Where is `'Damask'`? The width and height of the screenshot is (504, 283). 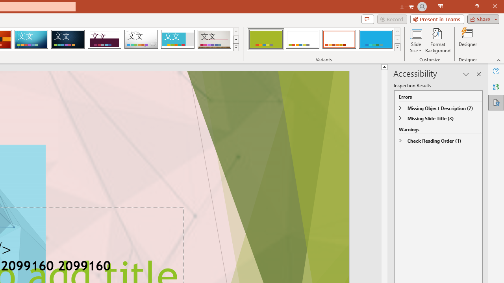 'Damask' is located at coordinates (68, 39).